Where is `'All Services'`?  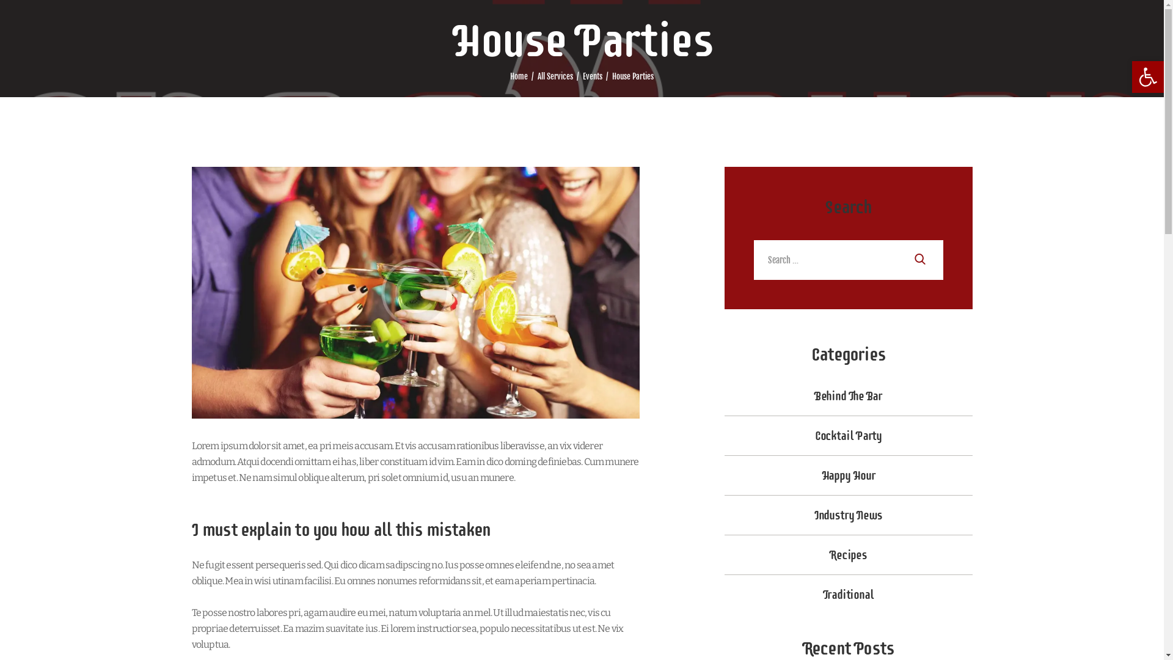
'All Services' is located at coordinates (554, 76).